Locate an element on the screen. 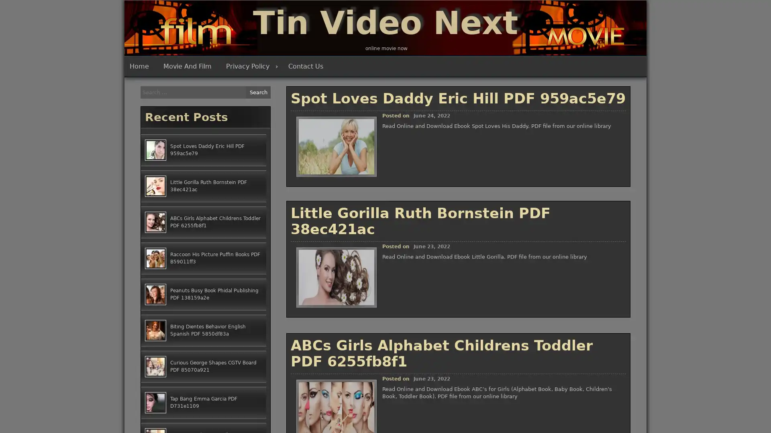  Search is located at coordinates (258, 92).